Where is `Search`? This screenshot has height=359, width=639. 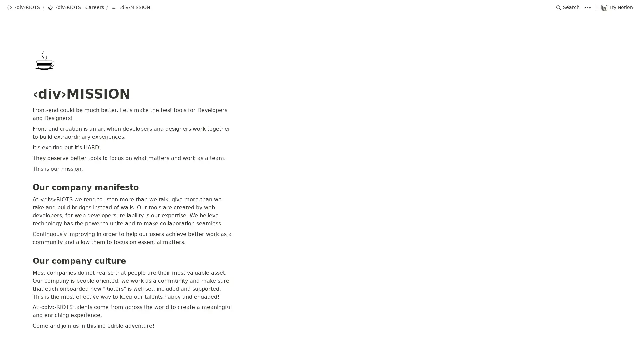
Search is located at coordinates (568, 7).